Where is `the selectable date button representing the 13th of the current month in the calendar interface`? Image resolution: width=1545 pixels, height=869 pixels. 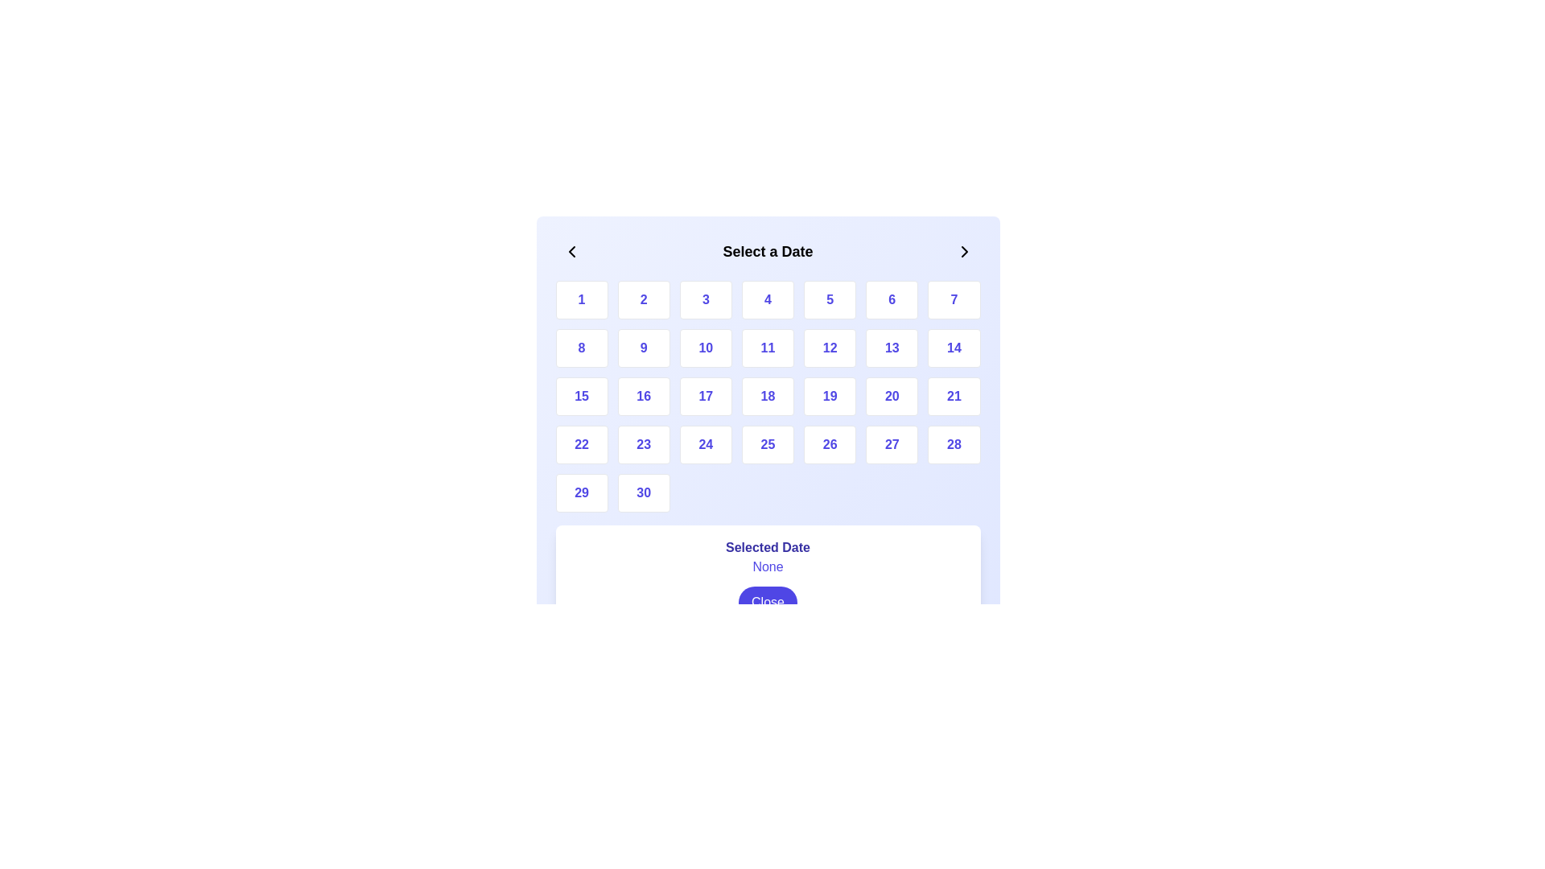 the selectable date button representing the 13th of the current month in the calendar interface is located at coordinates (891, 347).